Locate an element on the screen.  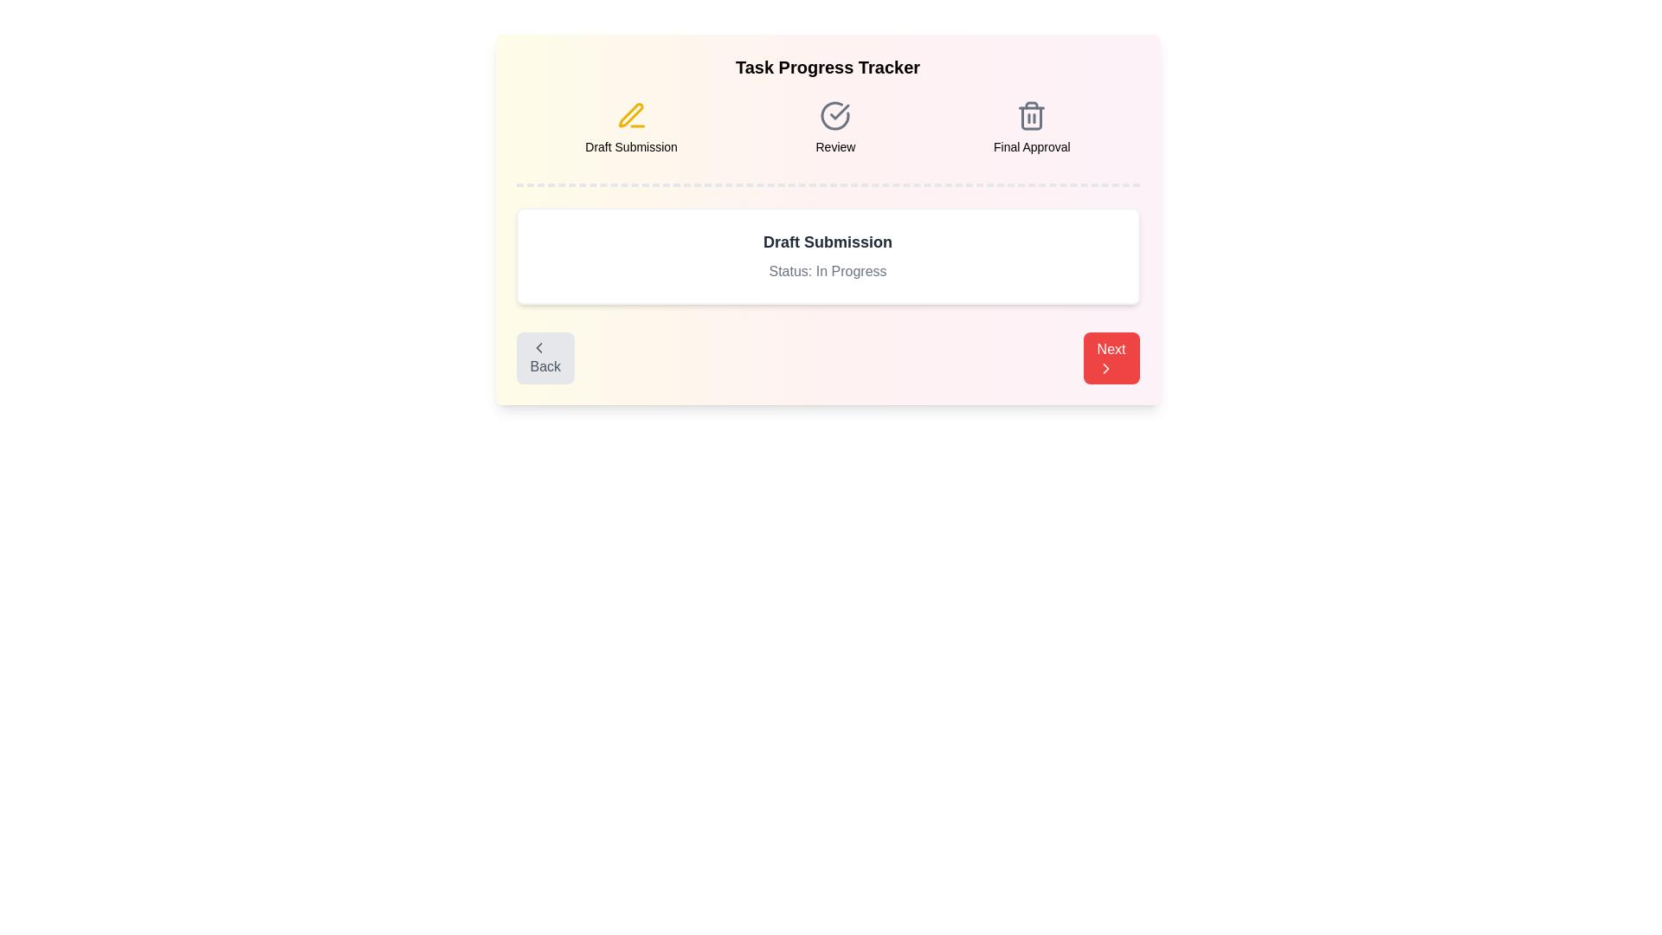
the task icon for Review to reveal additional information is located at coordinates (835, 116).